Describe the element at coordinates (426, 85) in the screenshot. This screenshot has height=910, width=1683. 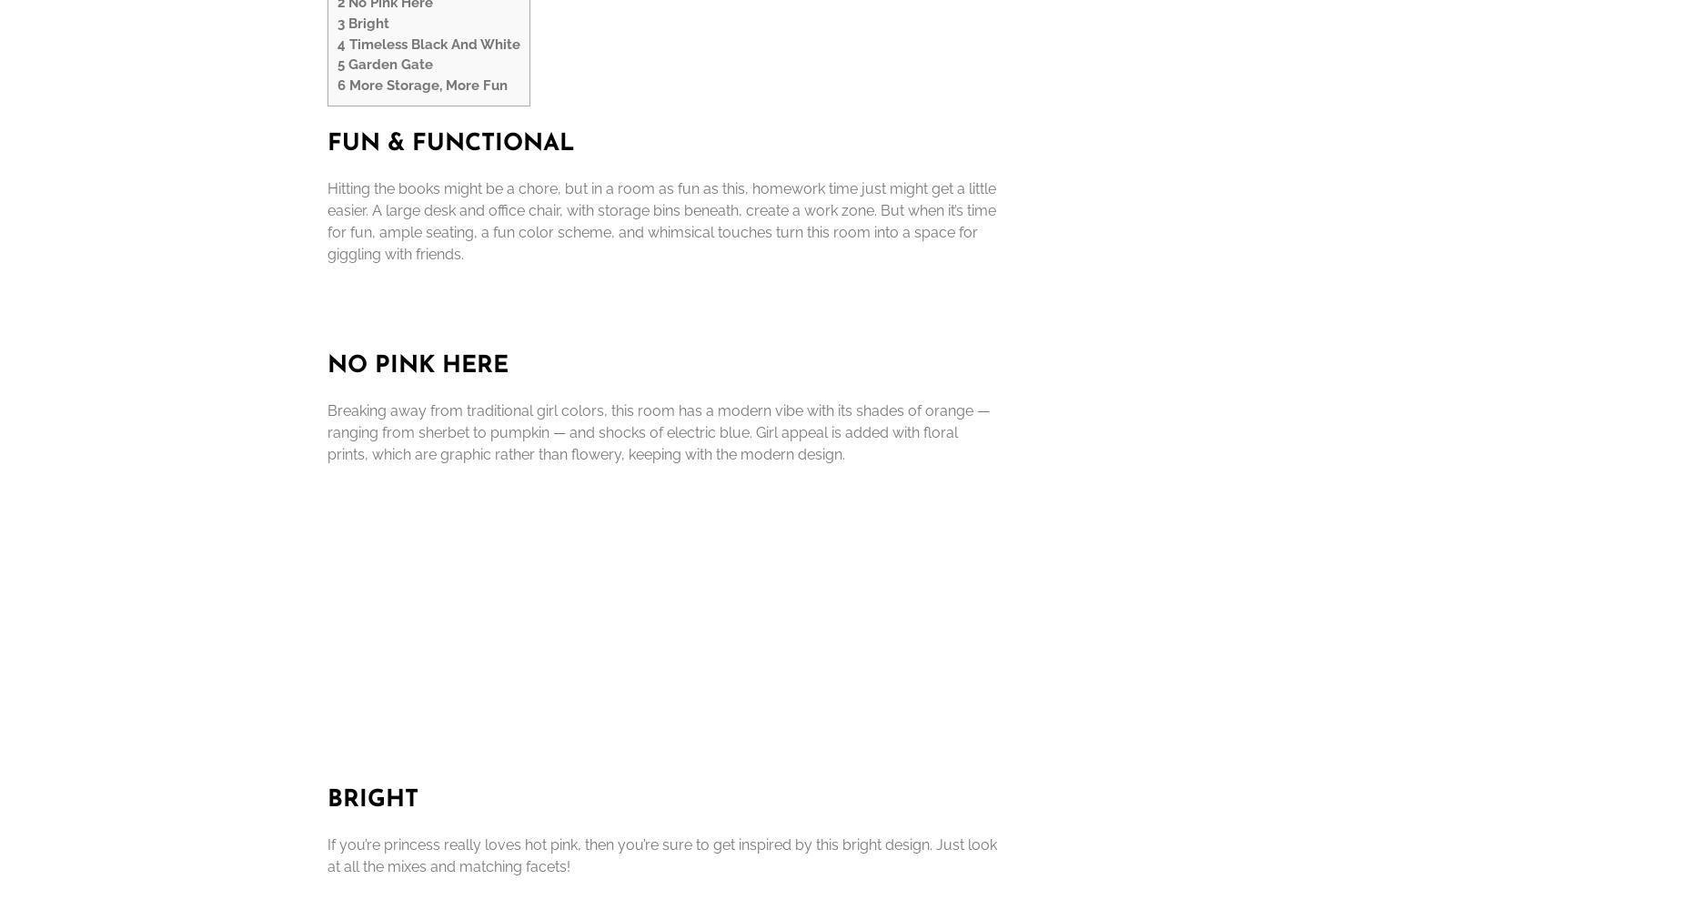
I see `'More Storage, More Fun'` at that location.